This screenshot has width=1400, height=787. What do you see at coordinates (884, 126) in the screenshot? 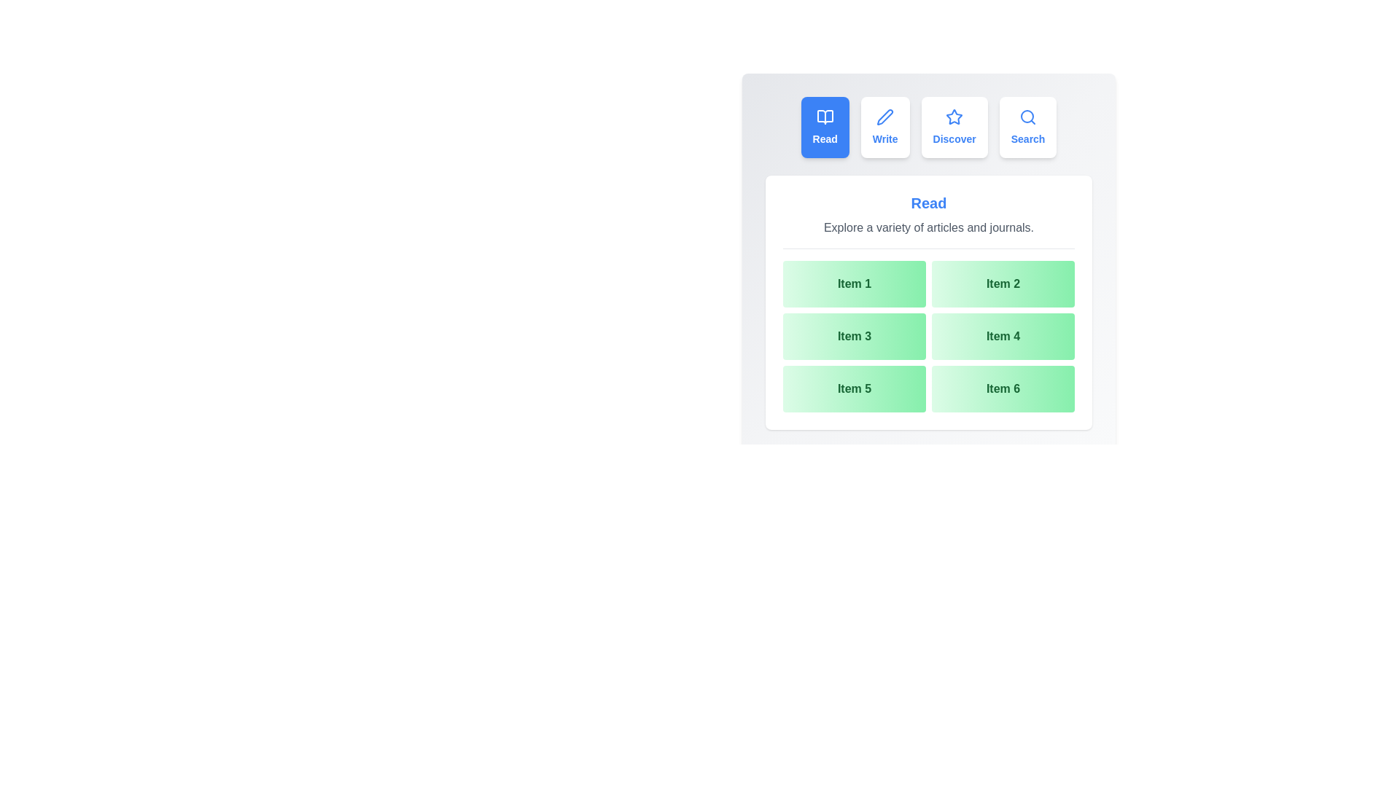
I see `the Write tab by clicking on it` at bounding box center [884, 126].